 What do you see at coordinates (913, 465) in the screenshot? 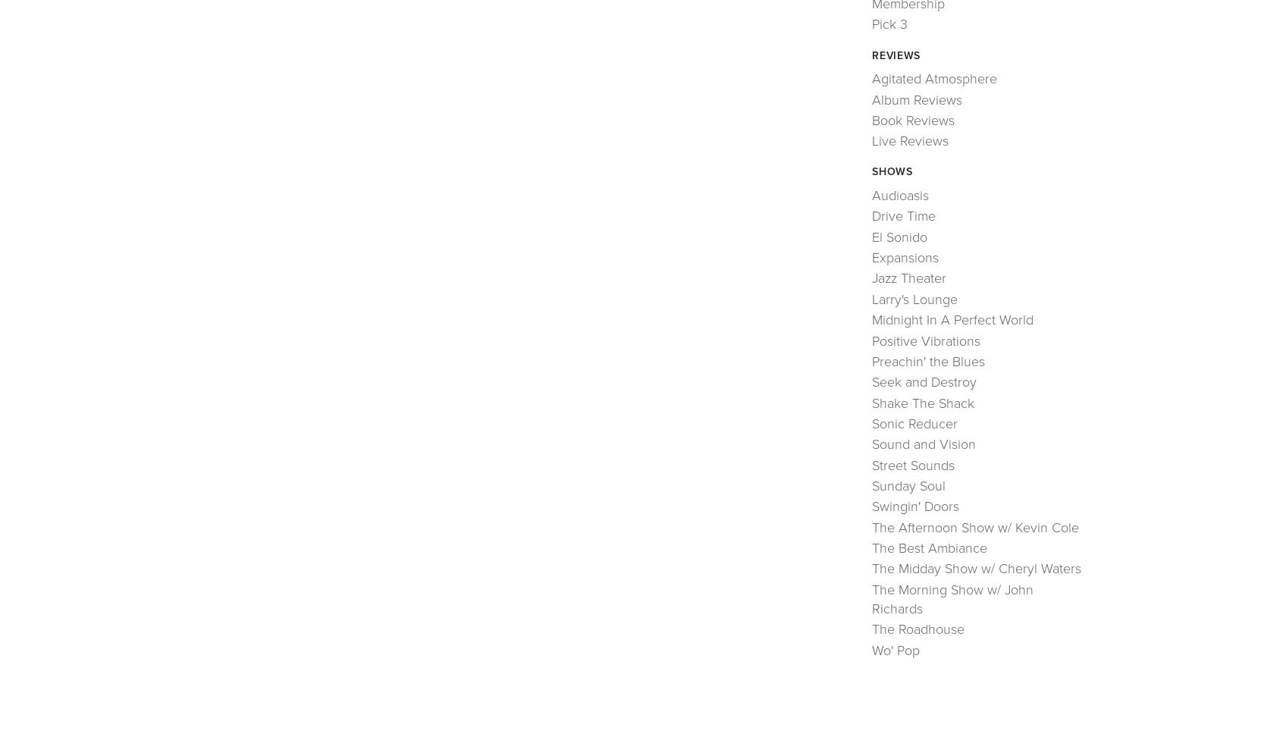
I see `'Street Sounds'` at bounding box center [913, 465].